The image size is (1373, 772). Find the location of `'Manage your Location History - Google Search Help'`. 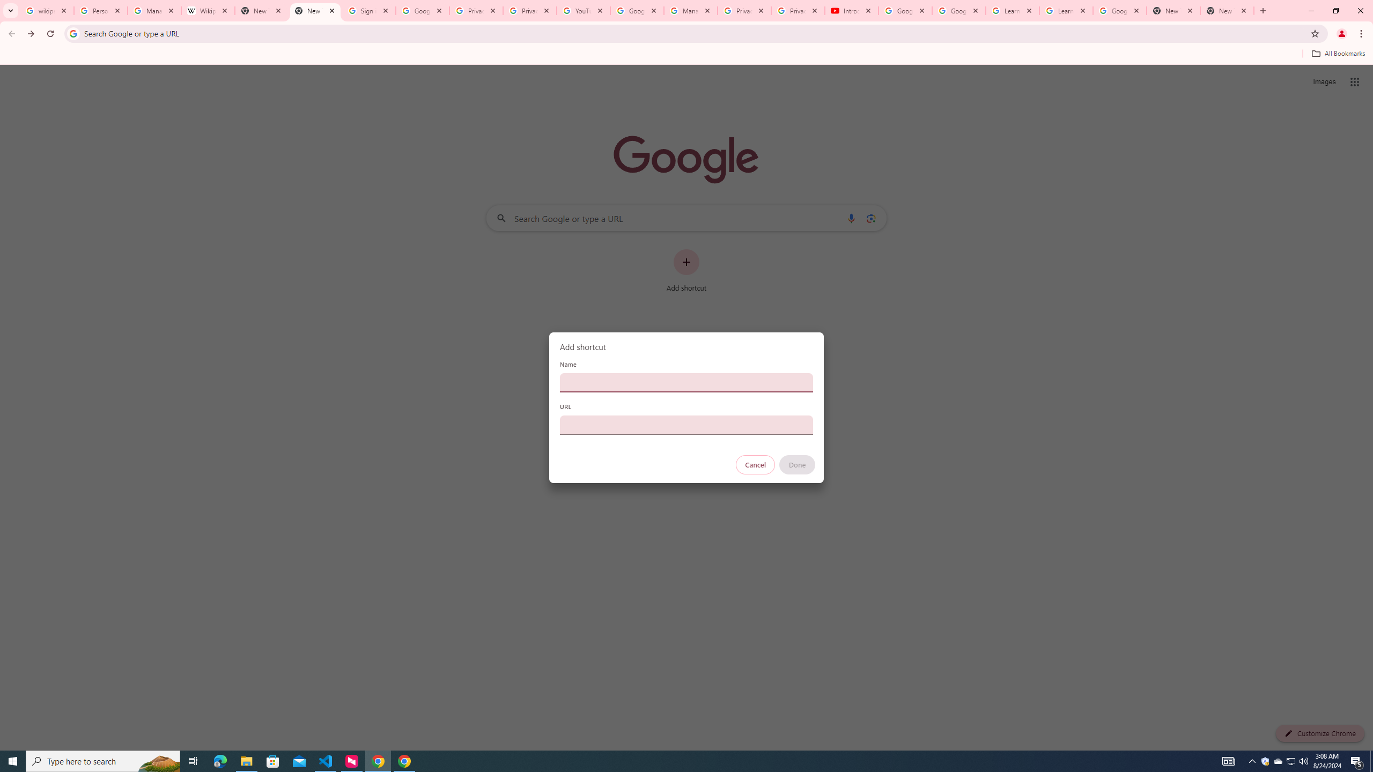

'Manage your Location History - Google Search Help' is located at coordinates (154, 10).